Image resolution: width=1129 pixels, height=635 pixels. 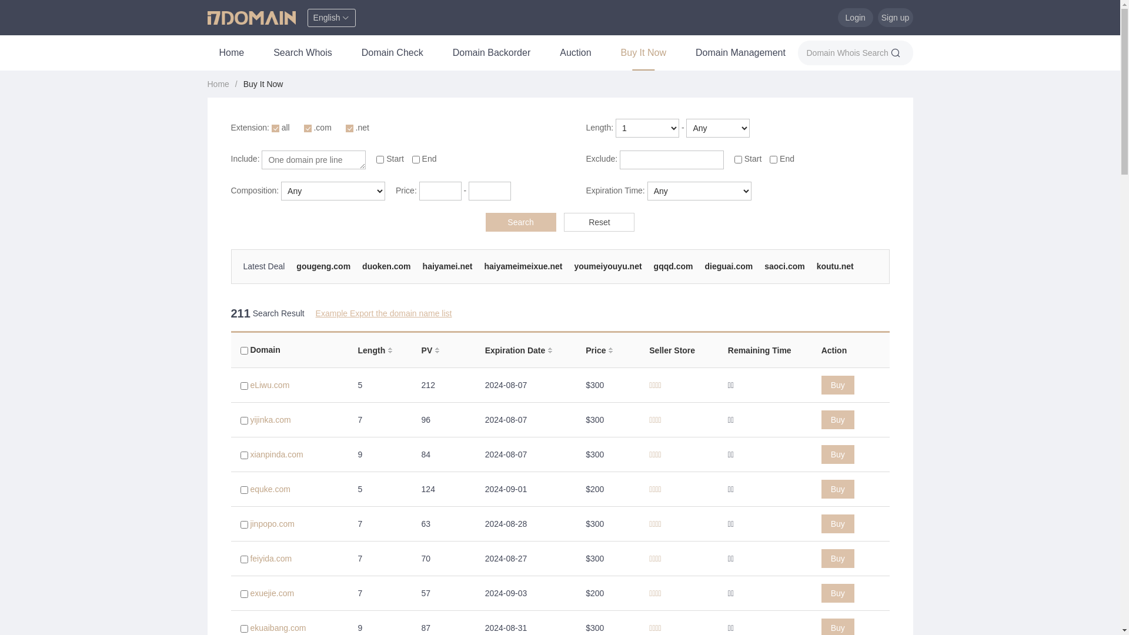 What do you see at coordinates (271, 523) in the screenshot?
I see `'jinpopo.com'` at bounding box center [271, 523].